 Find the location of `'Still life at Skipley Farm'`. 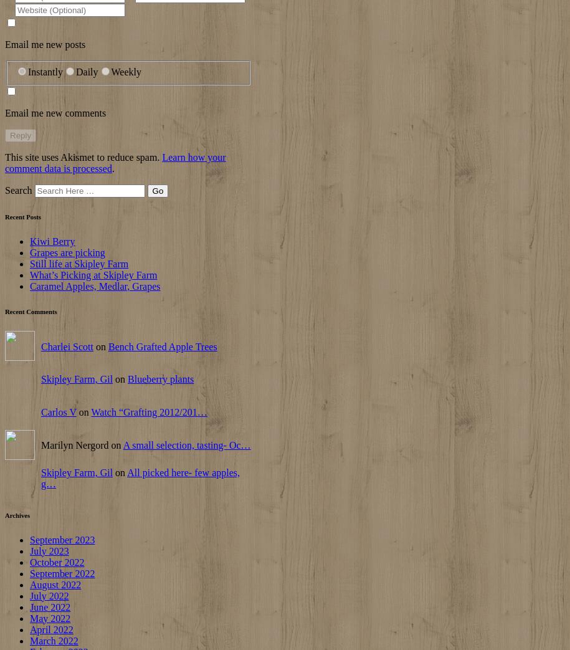

'Still life at Skipley Farm' is located at coordinates (79, 263).